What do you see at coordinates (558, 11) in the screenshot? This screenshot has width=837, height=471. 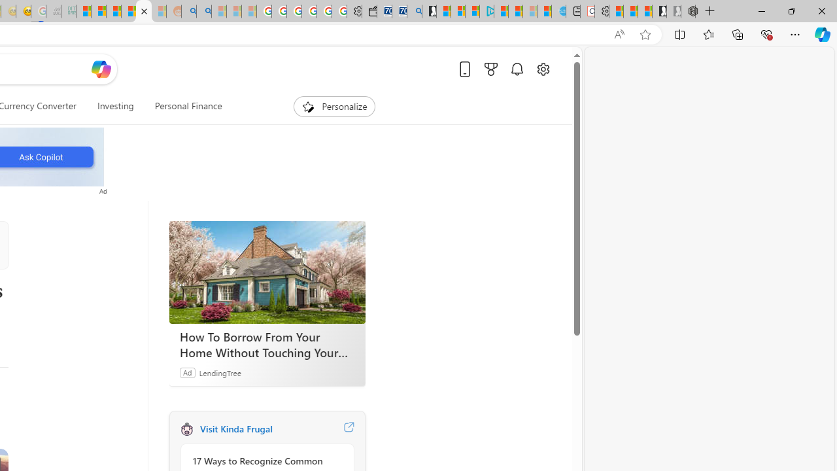 I see `'Home | Sky Blue Bikes - Sky Blue Bikes'` at bounding box center [558, 11].